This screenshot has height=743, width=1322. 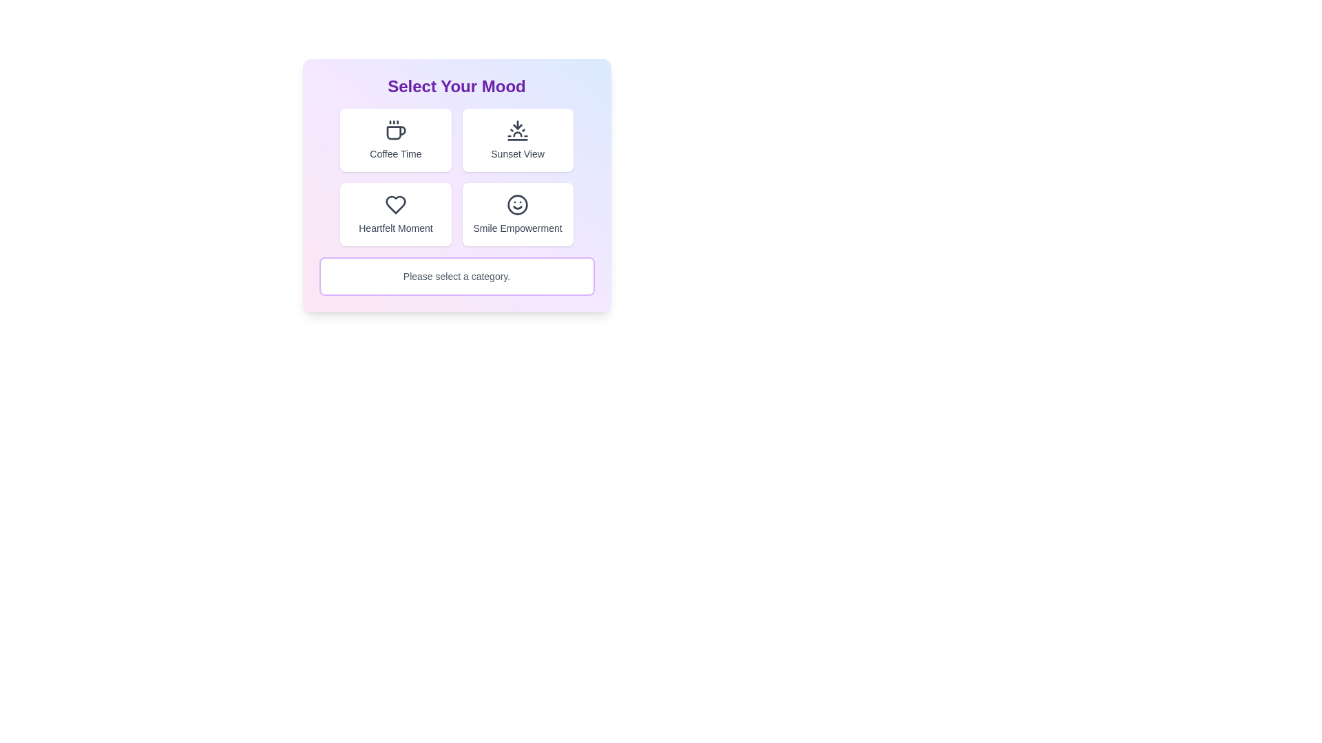 I want to click on the circular outline element that is part of the 'Smile Empowerment' button located in the lower right of the grid inside the 'Select Your Mood' panel, so click(x=517, y=204).